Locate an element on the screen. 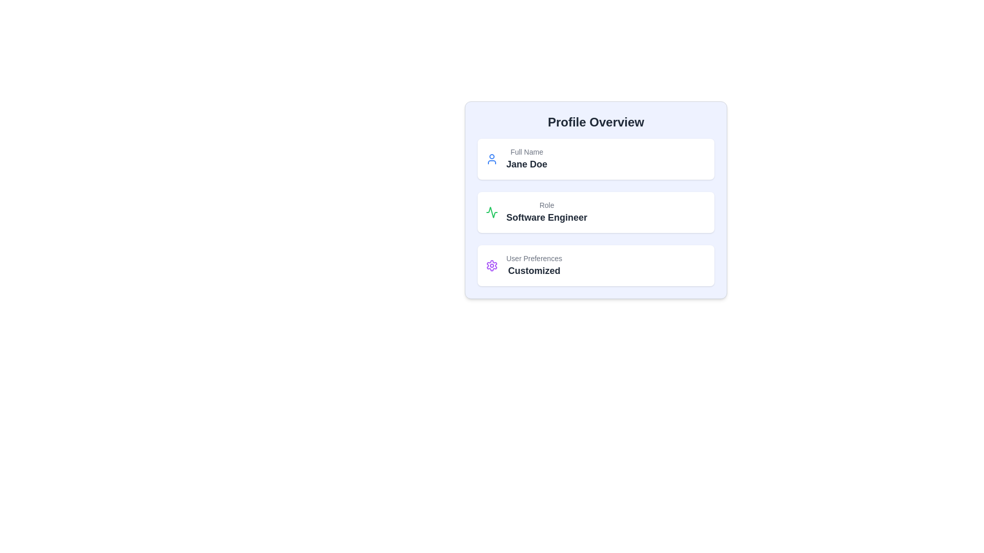  the user role icon located to the immediate left of the text block in the 'Profile Overview' section is located at coordinates (492, 212).